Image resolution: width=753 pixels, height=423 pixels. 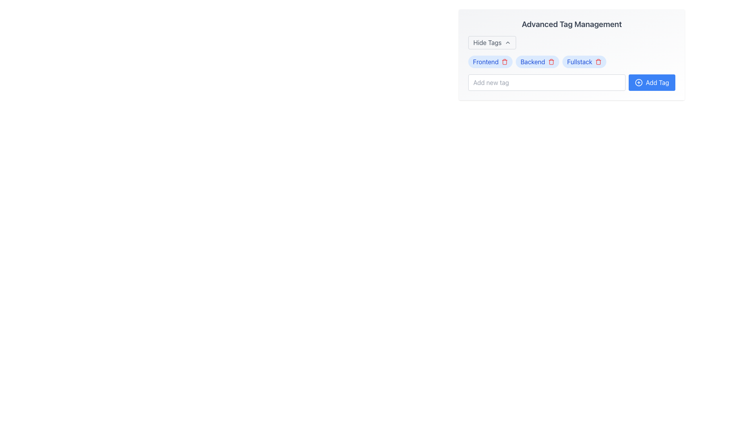 What do you see at coordinates (598, 61) in the screenshot?
I see `the trash icon button, which is represented in a red color scheme and located to the right of the 'Fullstack' tag in the Advanced Tag Management interface` at bounding box center [598, 61].